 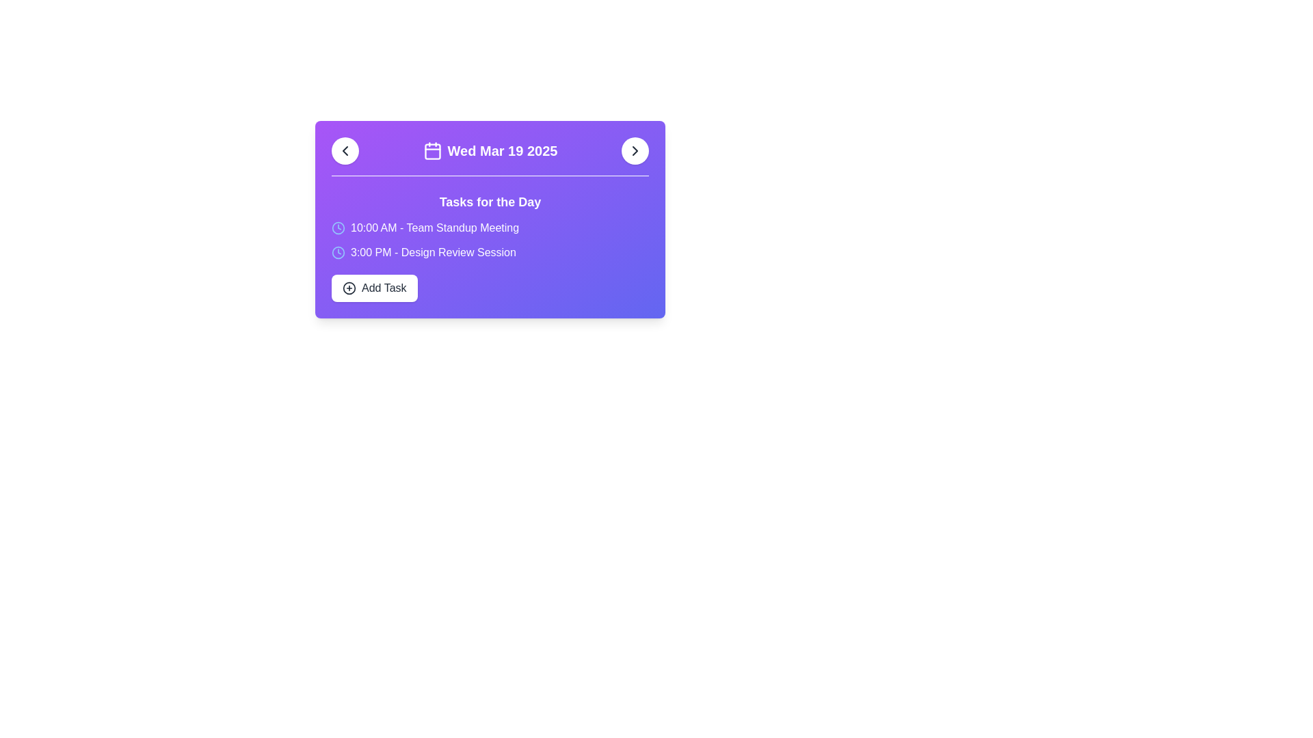 What do you see at coordinates (432, 152) in the screenshot?
I see `the calendar icon located in the purple header bar of the card layout, adjacent to the date text` at bounding box center [432, 152].